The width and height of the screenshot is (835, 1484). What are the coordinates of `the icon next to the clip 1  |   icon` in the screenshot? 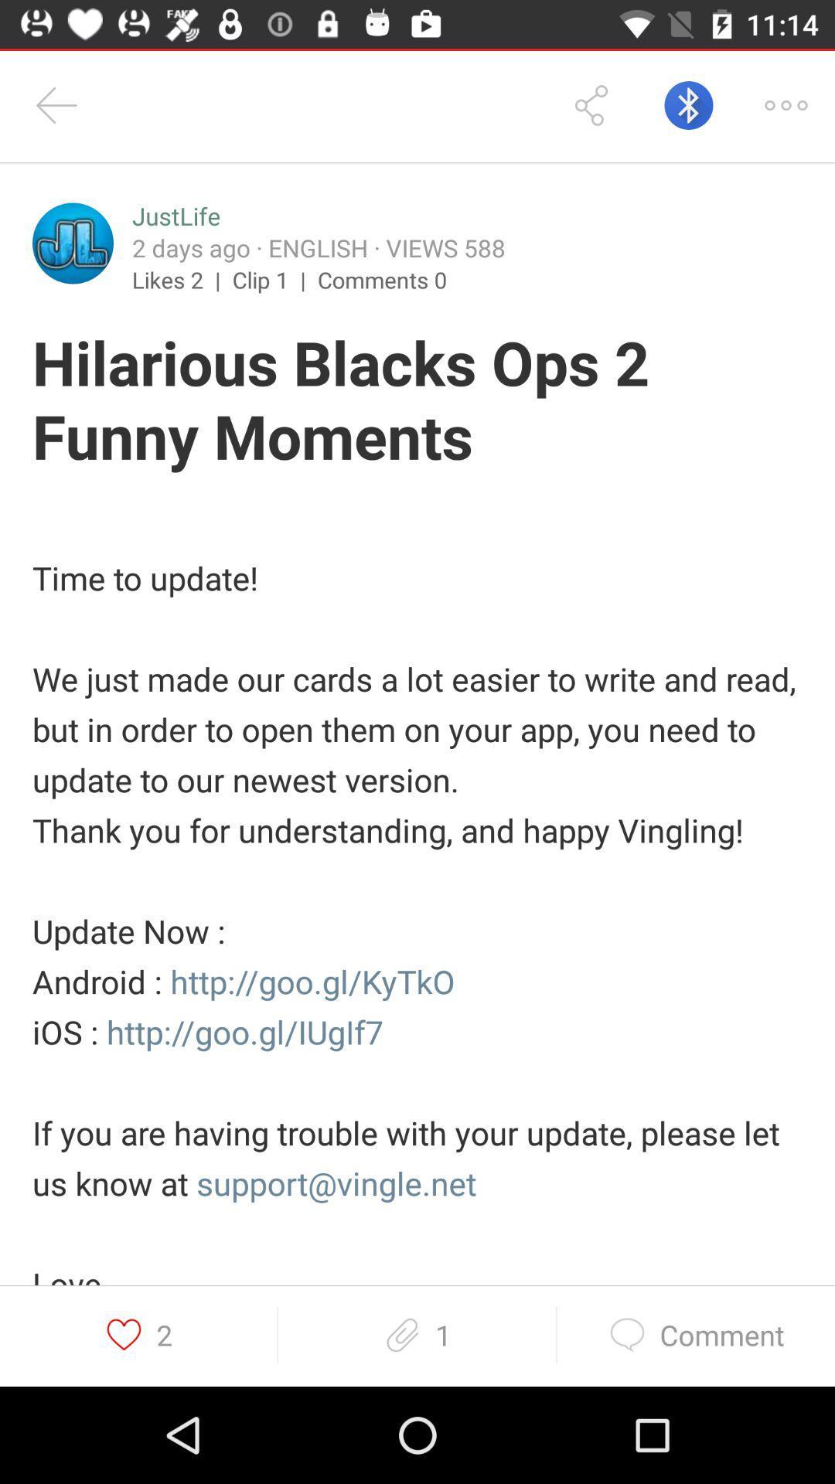 It's located at (382, 279).